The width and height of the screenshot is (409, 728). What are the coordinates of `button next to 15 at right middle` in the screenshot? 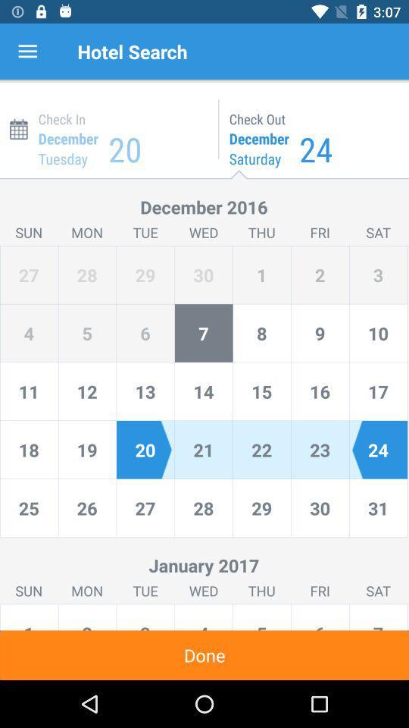 It's located at (319, 391).